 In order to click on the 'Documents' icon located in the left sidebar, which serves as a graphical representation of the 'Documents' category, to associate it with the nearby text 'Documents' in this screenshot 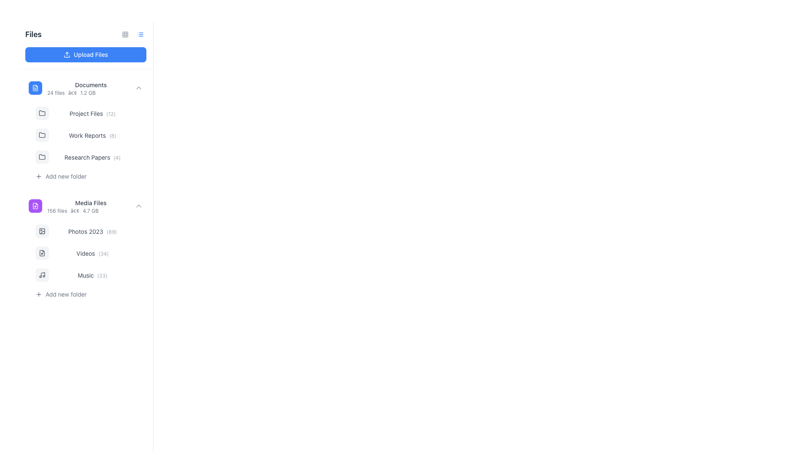, I will do `click(35, 88)`.